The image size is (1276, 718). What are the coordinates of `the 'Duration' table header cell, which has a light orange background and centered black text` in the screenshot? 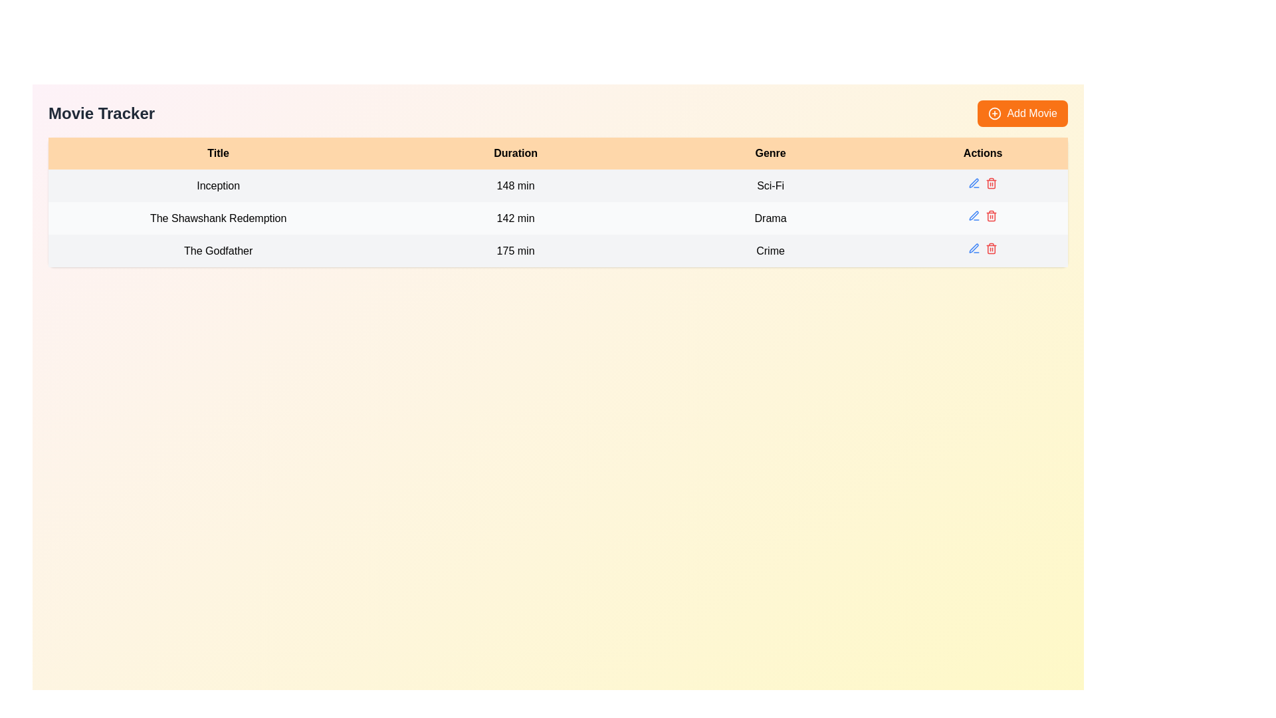 It's located at (515, 153).